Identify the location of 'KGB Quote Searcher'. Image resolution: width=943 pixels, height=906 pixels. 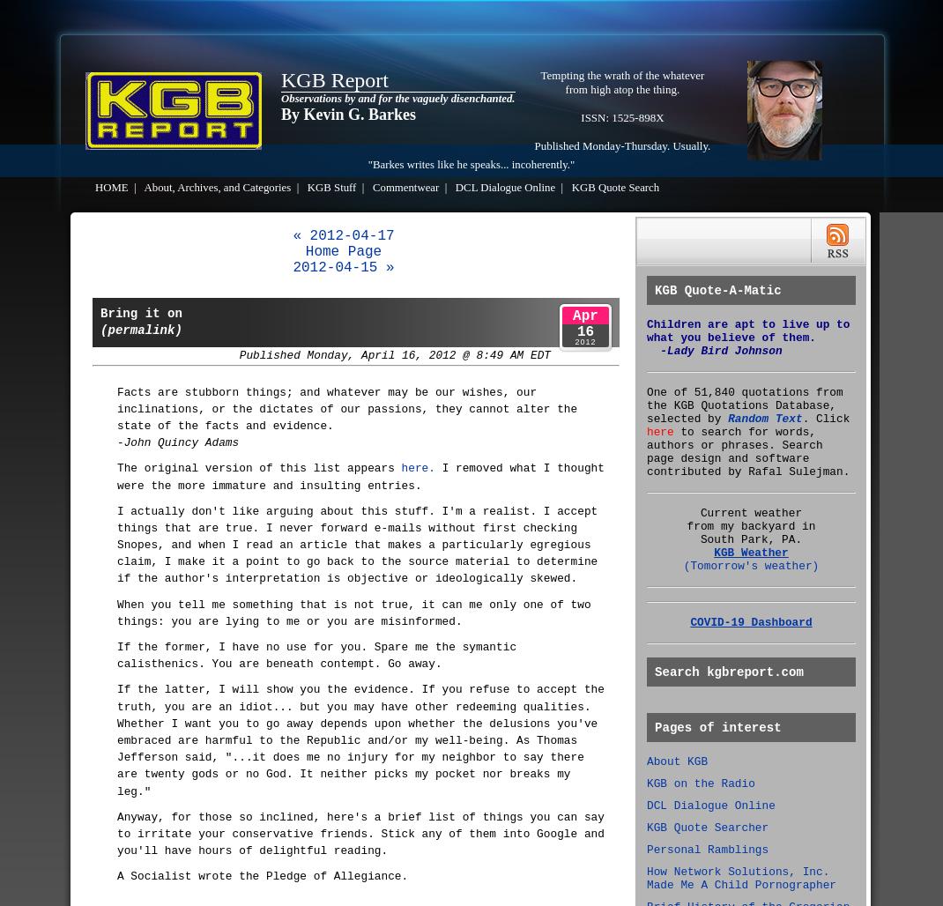
(708, 828).